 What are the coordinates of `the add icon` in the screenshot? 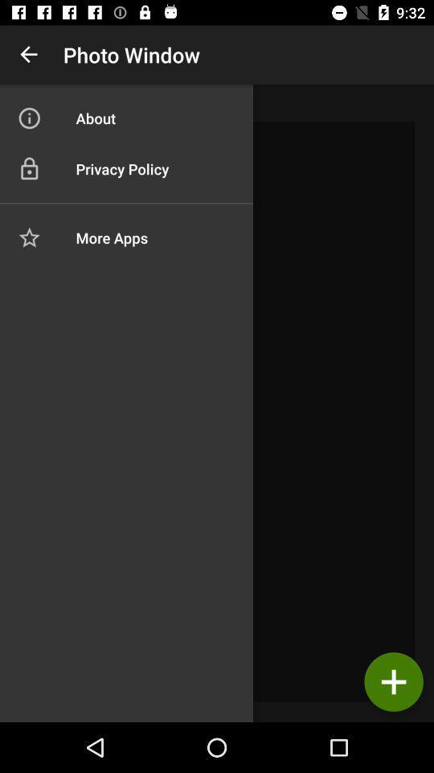 It's located at (393, 681).